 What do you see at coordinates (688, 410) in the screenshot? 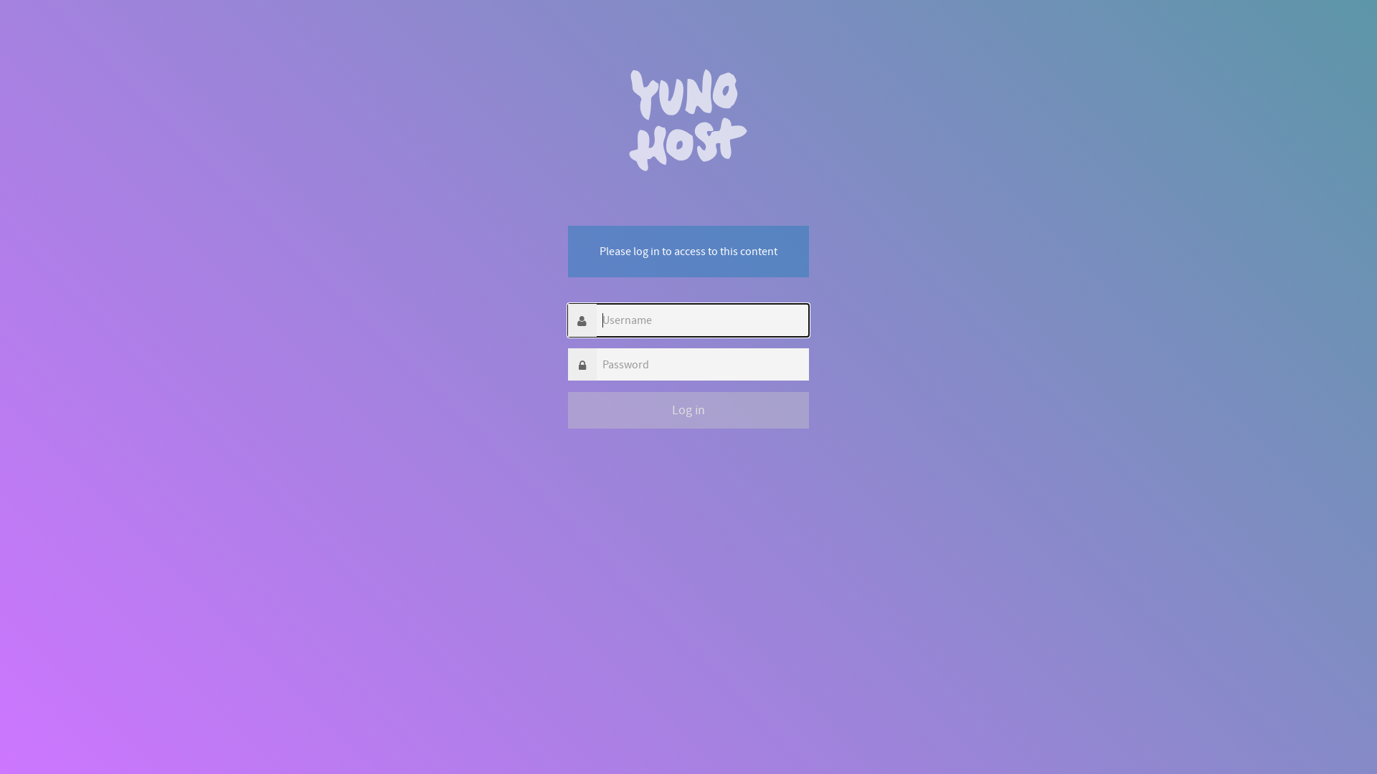
I see `'Log in'` at bounding box center [688, 410].